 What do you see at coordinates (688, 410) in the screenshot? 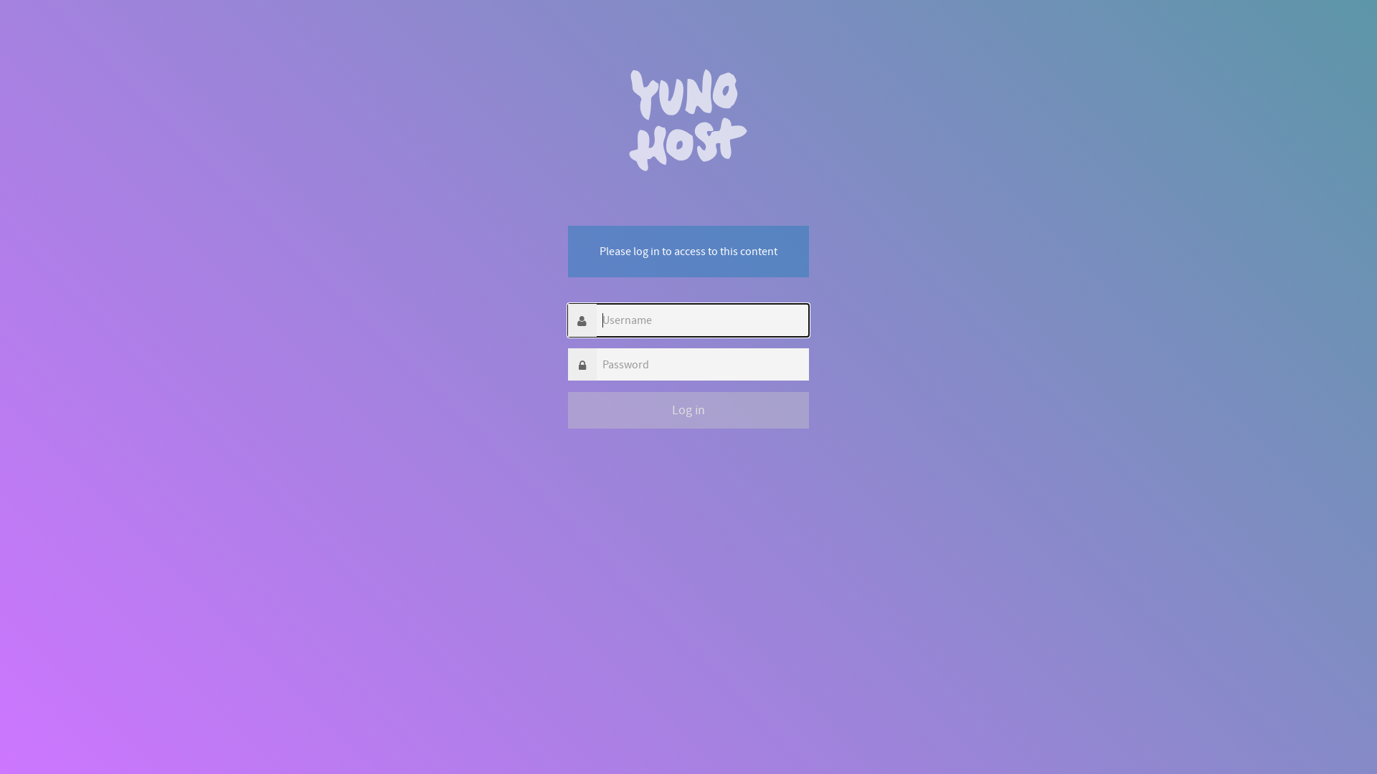
I see `'Log in'` at bounding box center [688, 410].